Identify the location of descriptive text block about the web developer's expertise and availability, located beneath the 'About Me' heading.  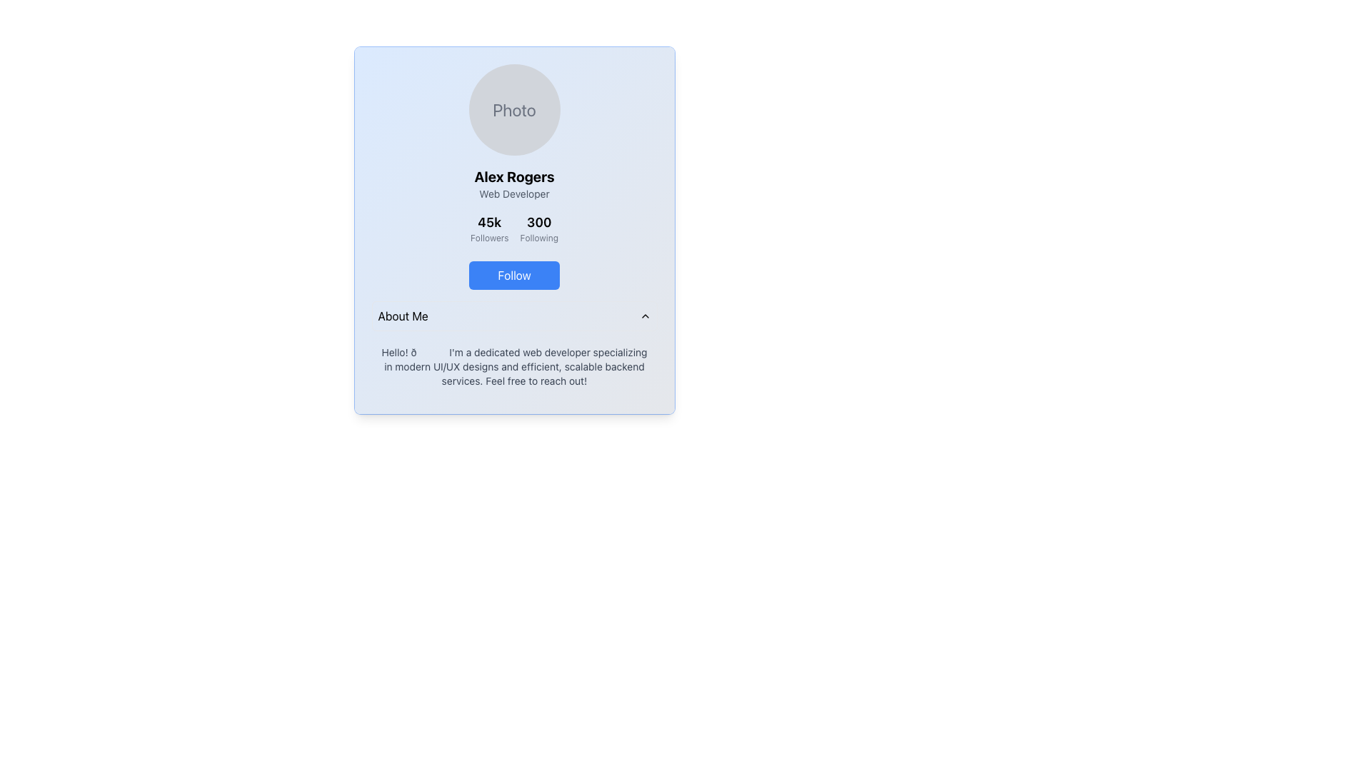
(514, 366).